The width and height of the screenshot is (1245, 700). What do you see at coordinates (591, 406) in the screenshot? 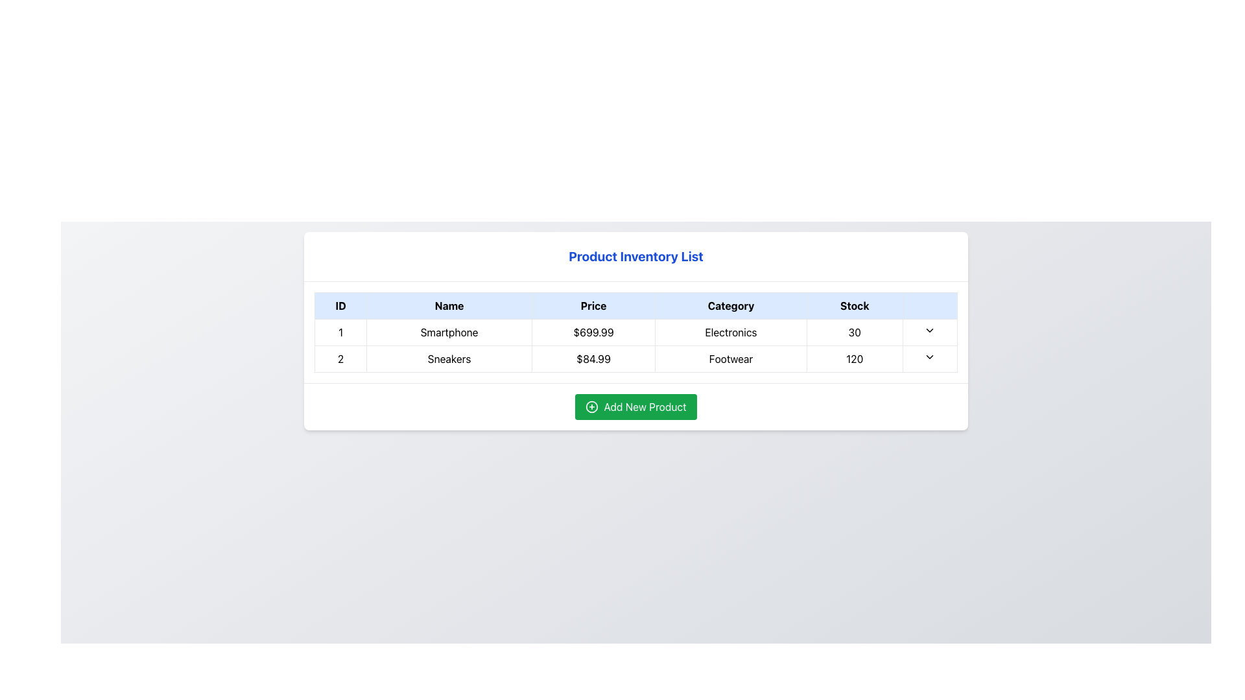
I see `the Circle (SVG) element that forms the outer circular part of the 'Add New Product' button, which is centrally placed within the green button beneath the data table` at bounding box center [591, 406].